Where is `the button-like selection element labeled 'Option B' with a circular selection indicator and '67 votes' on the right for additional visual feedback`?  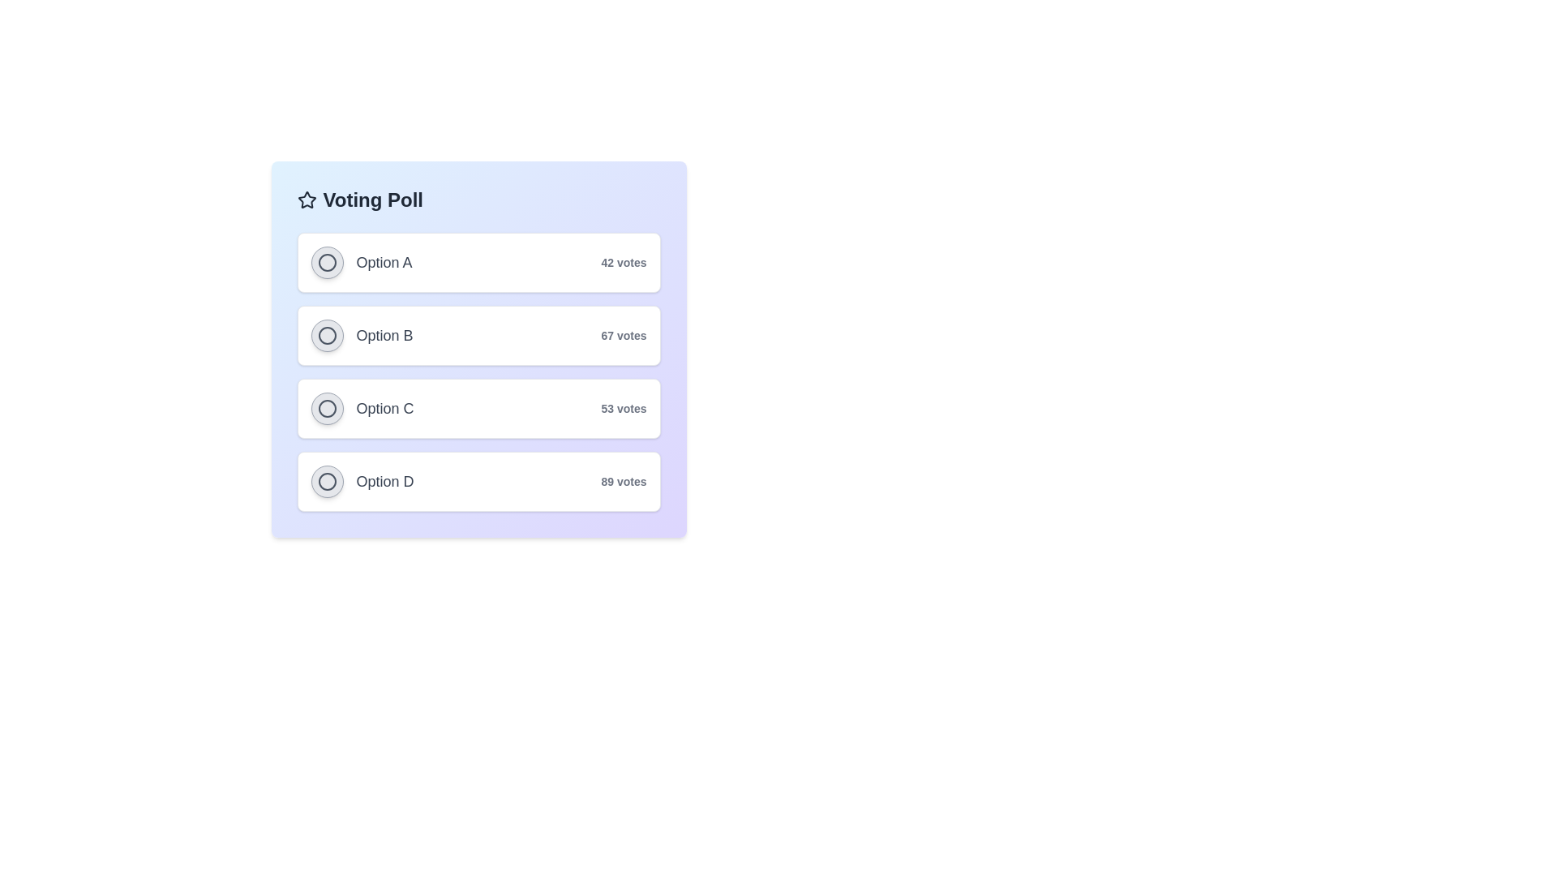
the button-like selection element labeled 'Option B' with a circular selection indicator and '67 votes' on the right for additional visual feedback is located at coordinates (478, 334).